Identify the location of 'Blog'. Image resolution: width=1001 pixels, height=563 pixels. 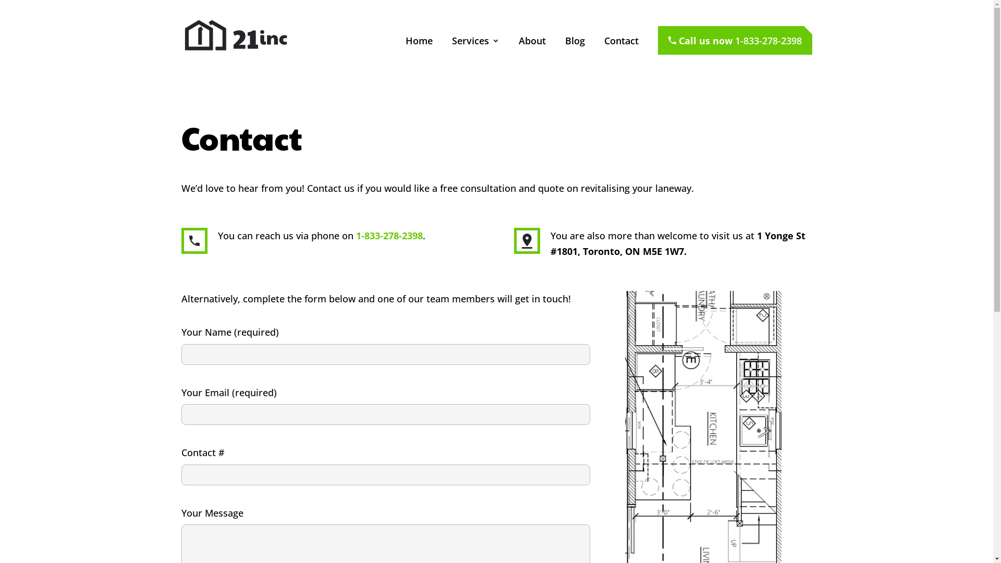
(575, 54).